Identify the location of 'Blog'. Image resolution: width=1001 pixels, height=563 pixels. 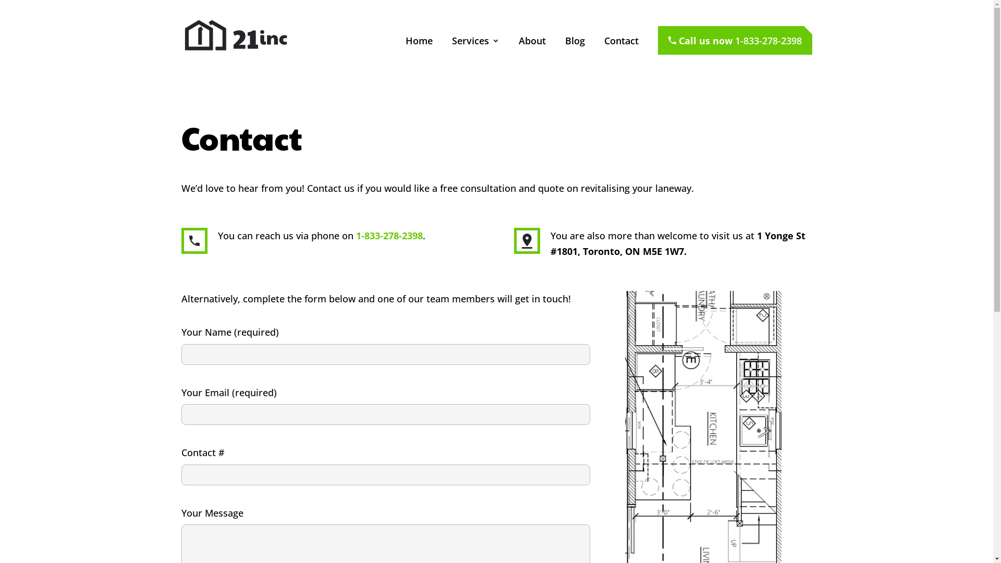
(575, 54).